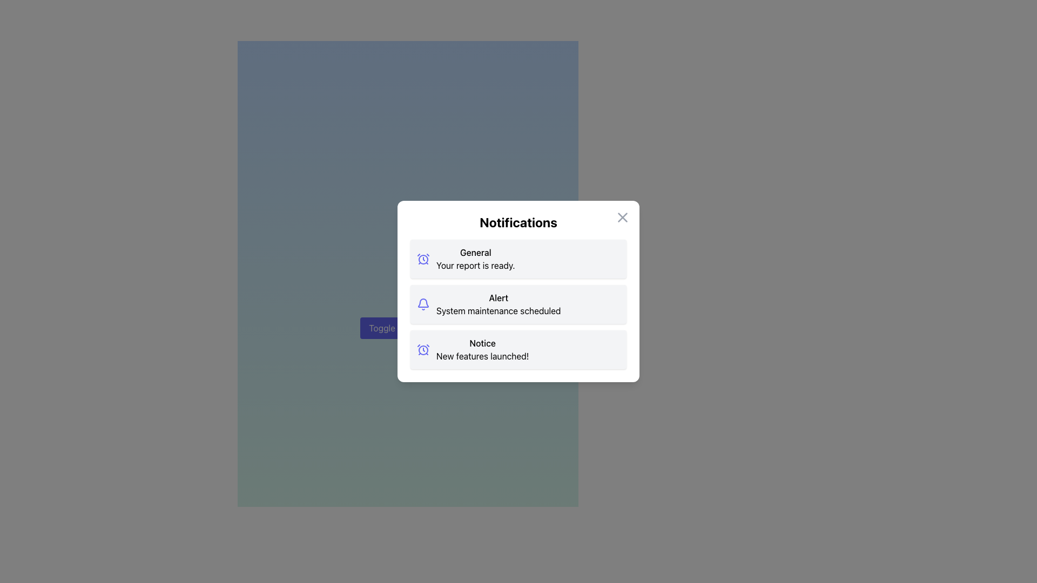 The width and height of the screenshot is (1037, 583). Describe the element at coordinates (498, 310) in the screenshot. I see `the static text element that conveys important information about system maintenance scheduling, which is located under the subtitle 'Alert' in the second notification card` at that location.